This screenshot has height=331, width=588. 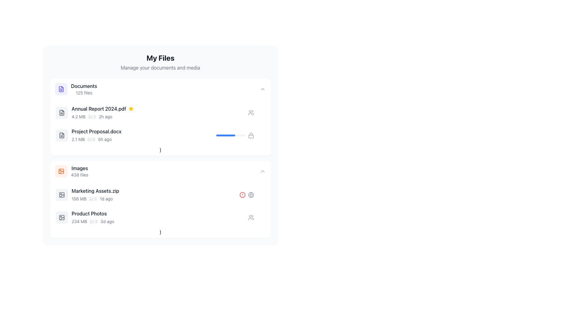 I want to click on the document icon located in the top left section of the 'Documents' group, which is represented as a blue rectangle with a folded top right corner, so click(x=61, y=89).